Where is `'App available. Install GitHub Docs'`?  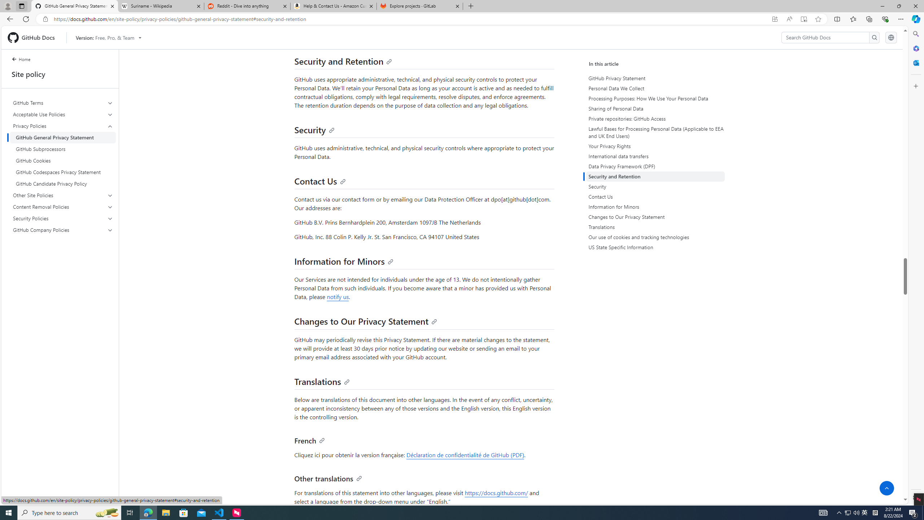
'App available. Install GitHub Docs' is located at coordinates (774, 19).